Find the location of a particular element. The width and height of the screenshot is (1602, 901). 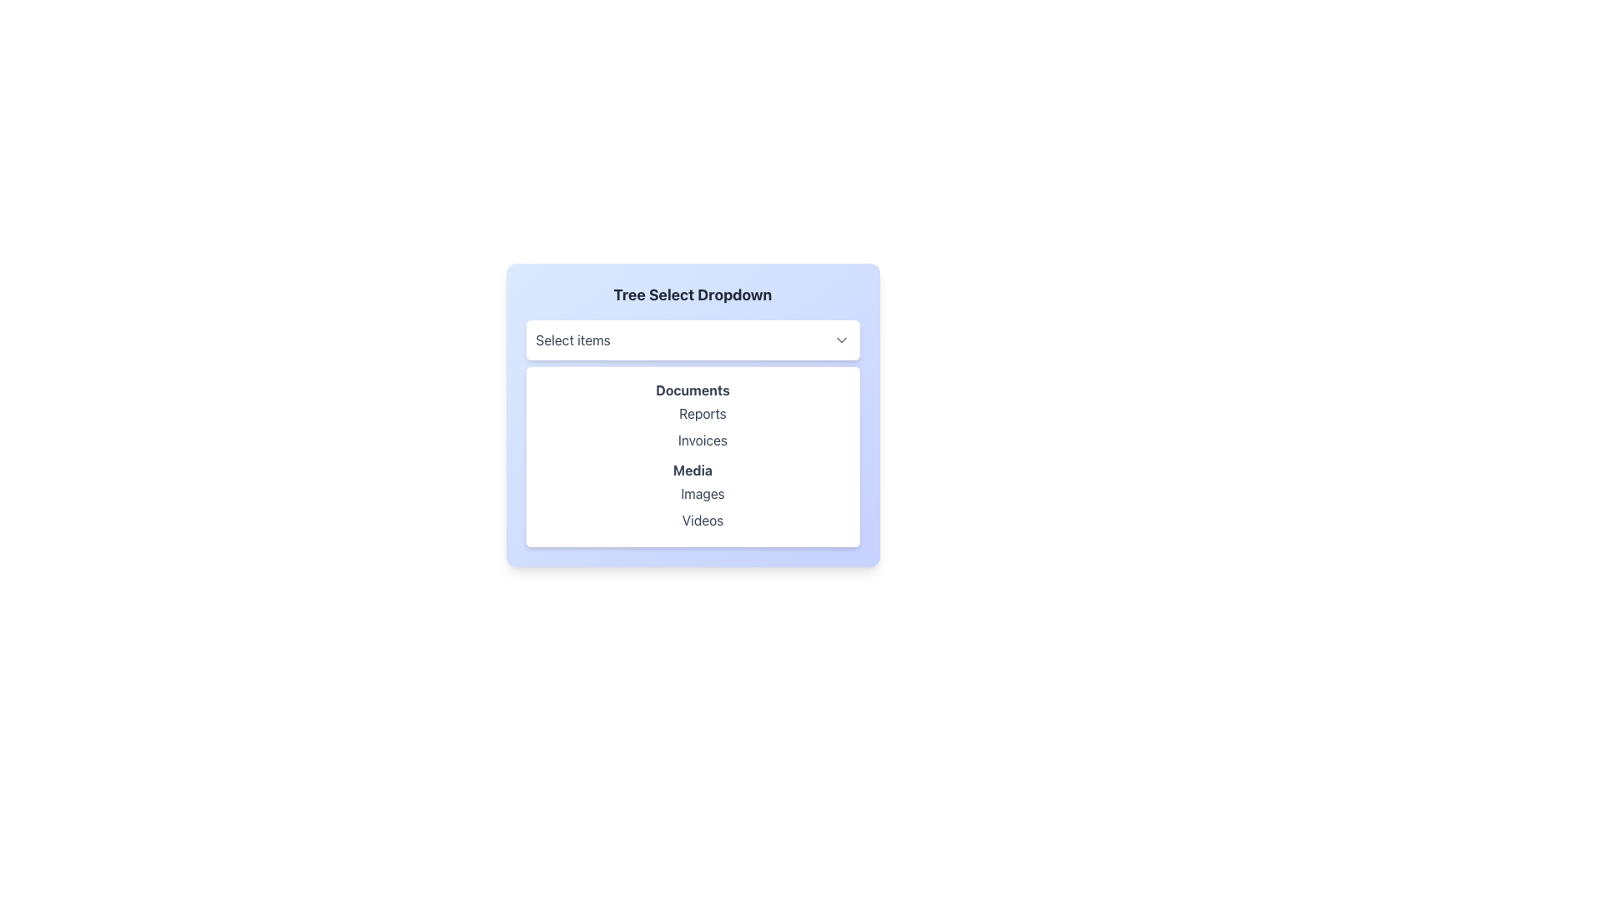

the 'Images' option in the Media section of the dropdown menu is located at coordinates (699, 492).